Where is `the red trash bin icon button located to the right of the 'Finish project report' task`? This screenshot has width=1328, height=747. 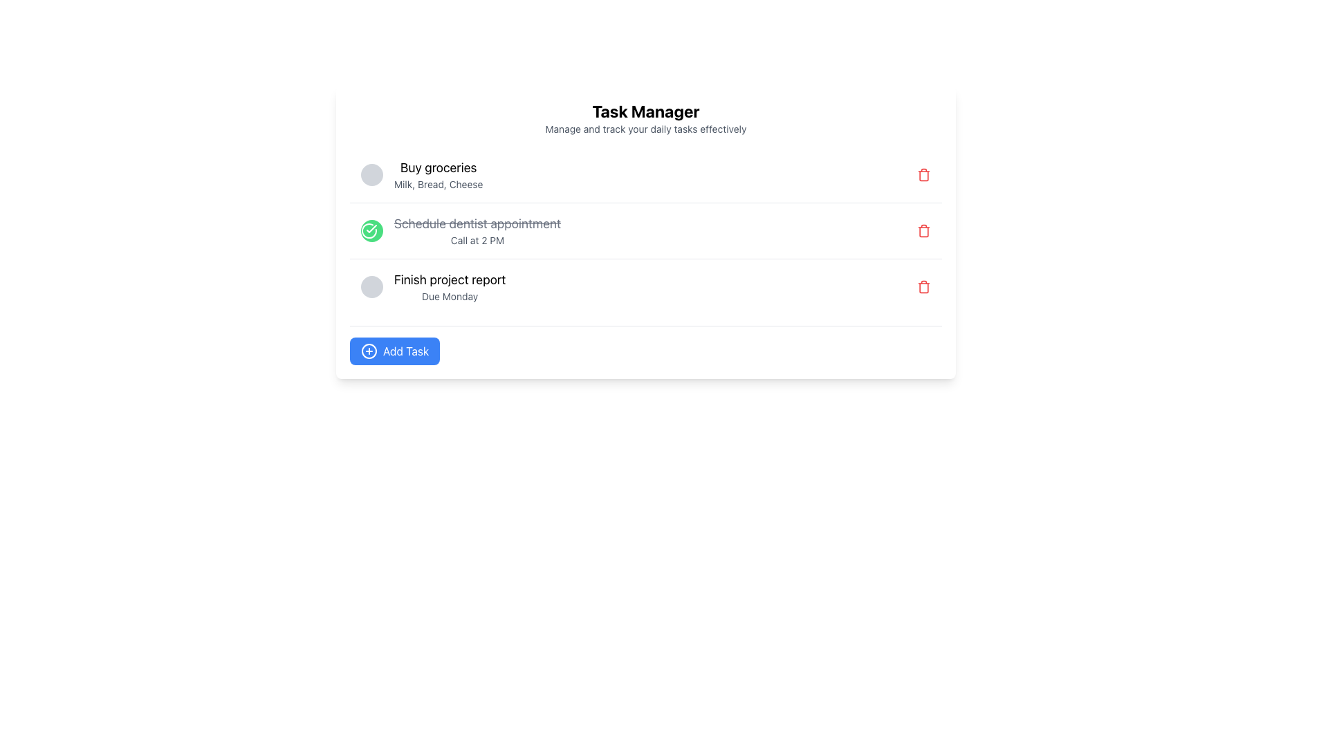
the red trash bin icon button located to the right of the 'Finish project report' task is located at coordinates (923, 286).